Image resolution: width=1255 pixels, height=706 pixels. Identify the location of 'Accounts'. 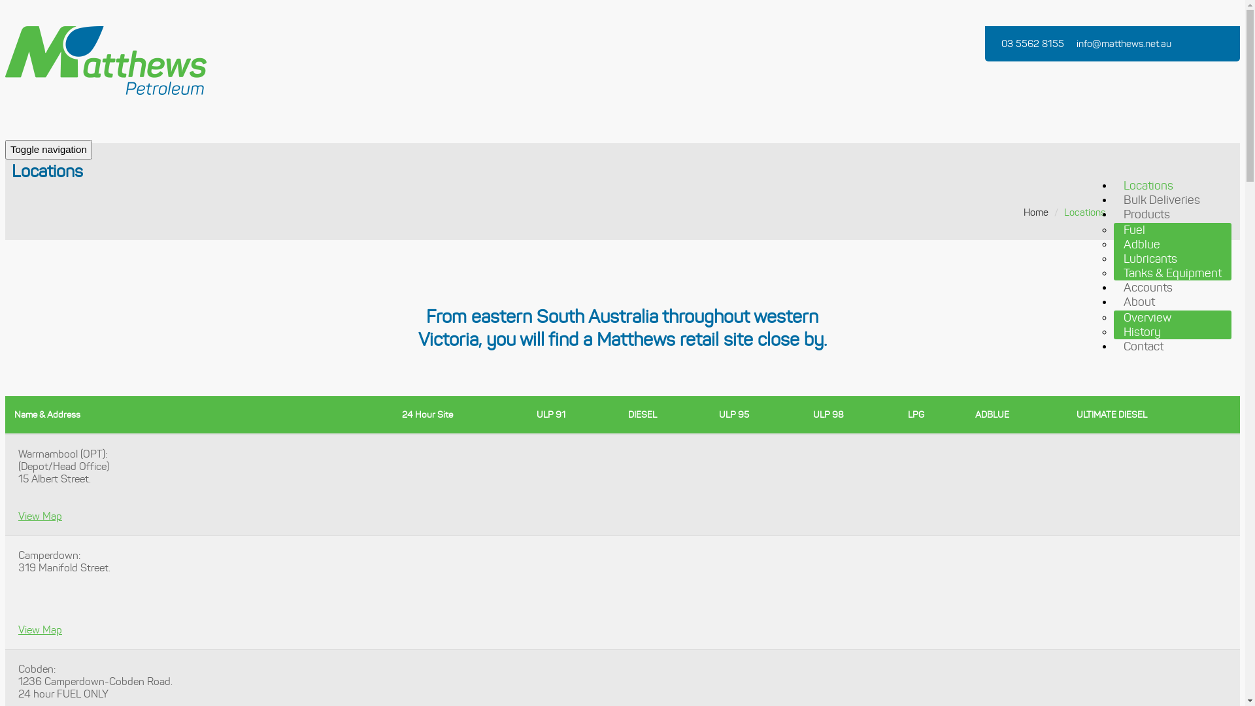
(1147, 286).